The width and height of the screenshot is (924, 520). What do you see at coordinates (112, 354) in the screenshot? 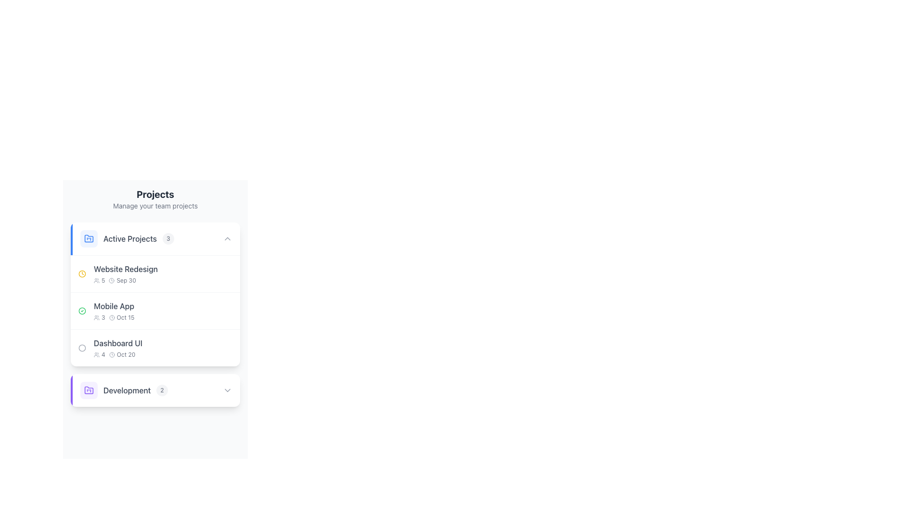
I see `the clock icon located in the 'Dashboard UI' section under 'Active Projects' to interact with its group and view details` at bounding box center [112, 354].